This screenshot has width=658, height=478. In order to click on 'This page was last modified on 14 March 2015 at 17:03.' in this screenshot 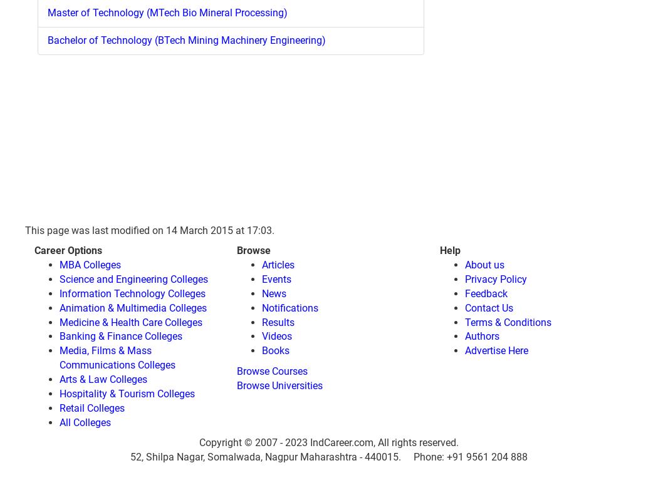, I will do `click(149, 230)`.